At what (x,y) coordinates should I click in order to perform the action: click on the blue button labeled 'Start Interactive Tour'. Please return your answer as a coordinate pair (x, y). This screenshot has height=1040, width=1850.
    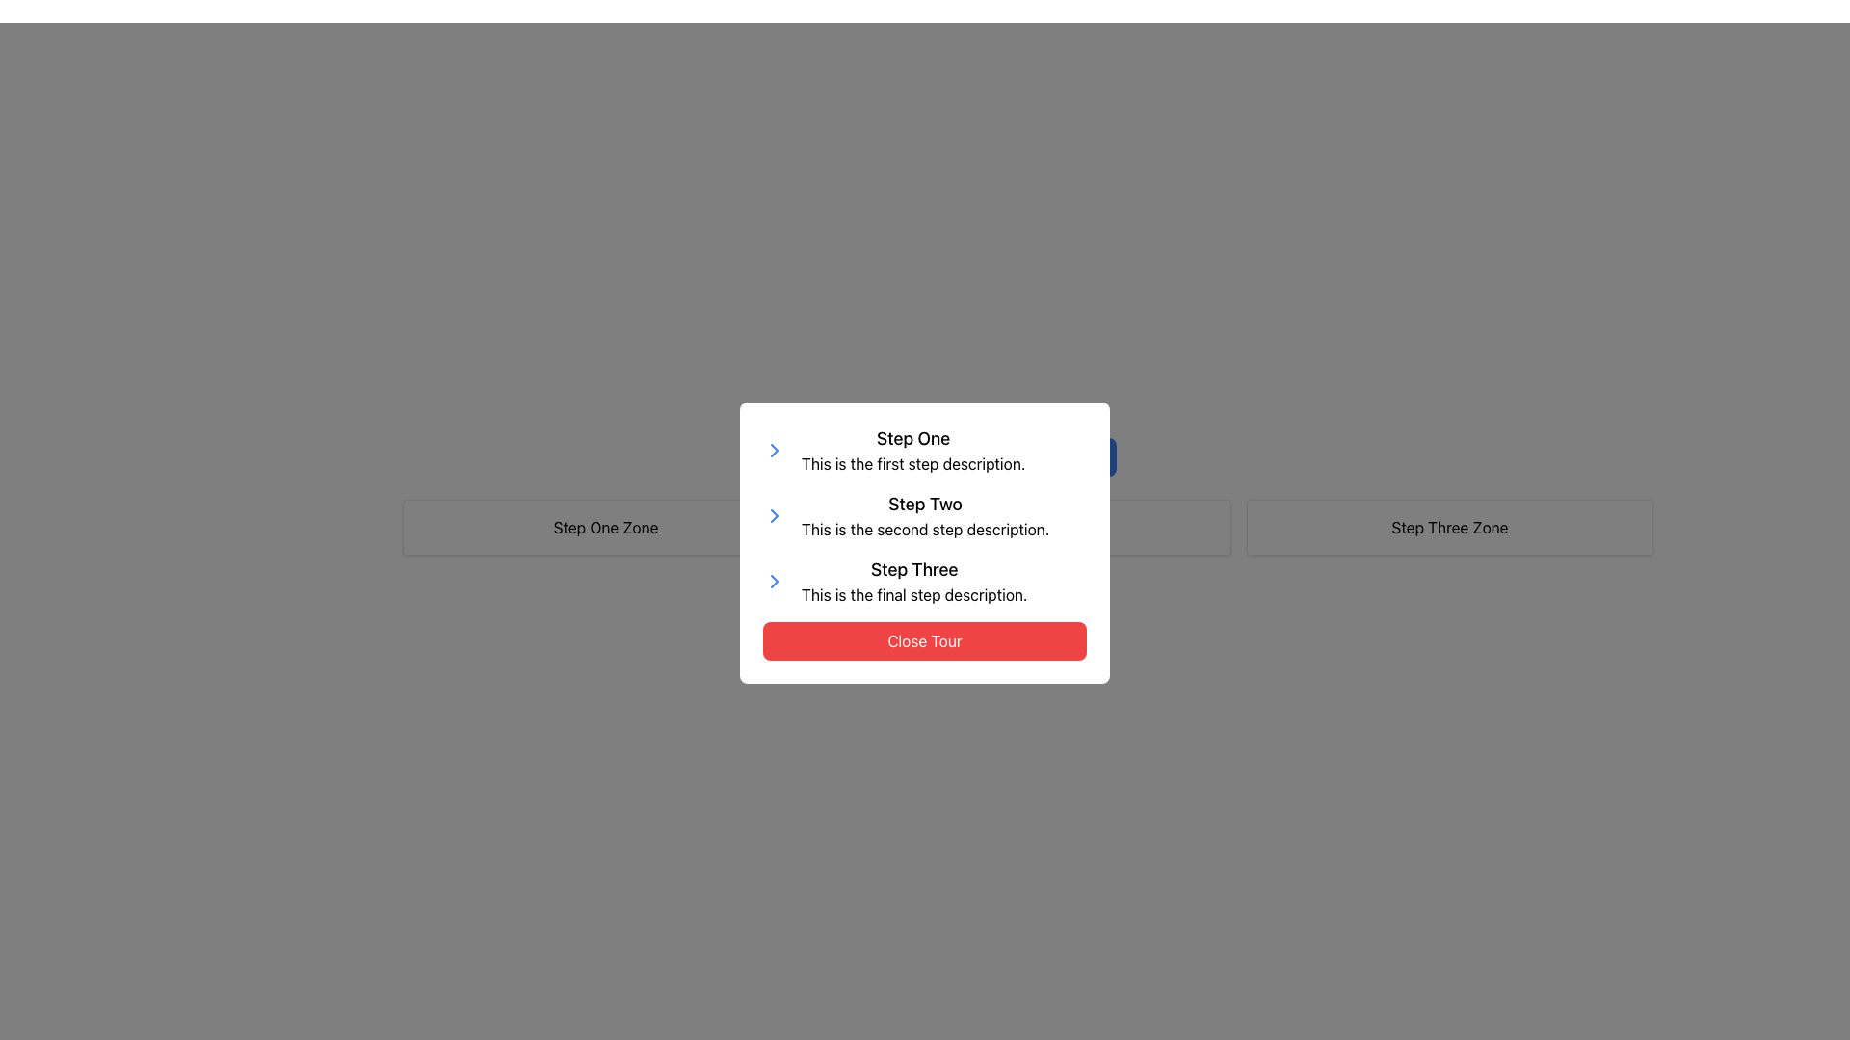
    Looking at the image, I should click on (1026, 456).